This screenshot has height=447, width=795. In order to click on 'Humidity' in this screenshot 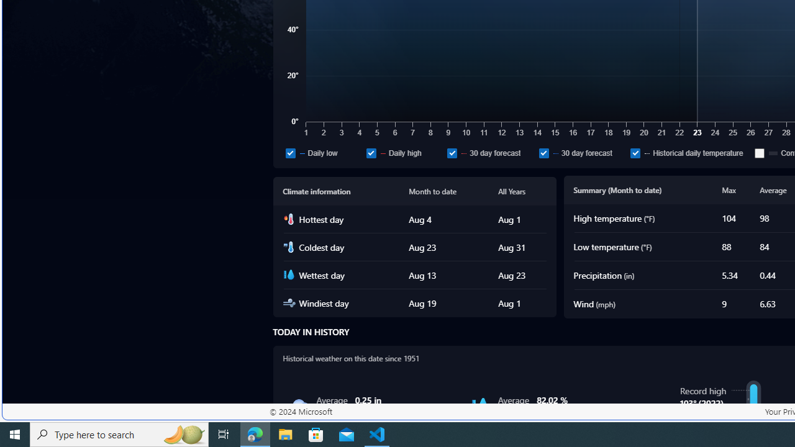, I will do `click(479, 406)`.